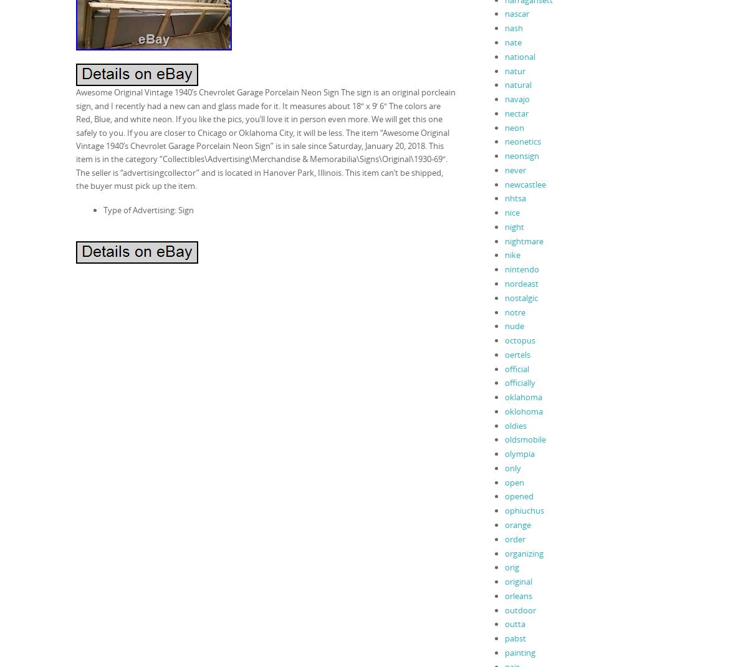 This screenshot has width=738, height=667. What do you see at coordinates (524, 239) in the screenshot?
I see `'nightmare'` at bounding box center [524, 239].